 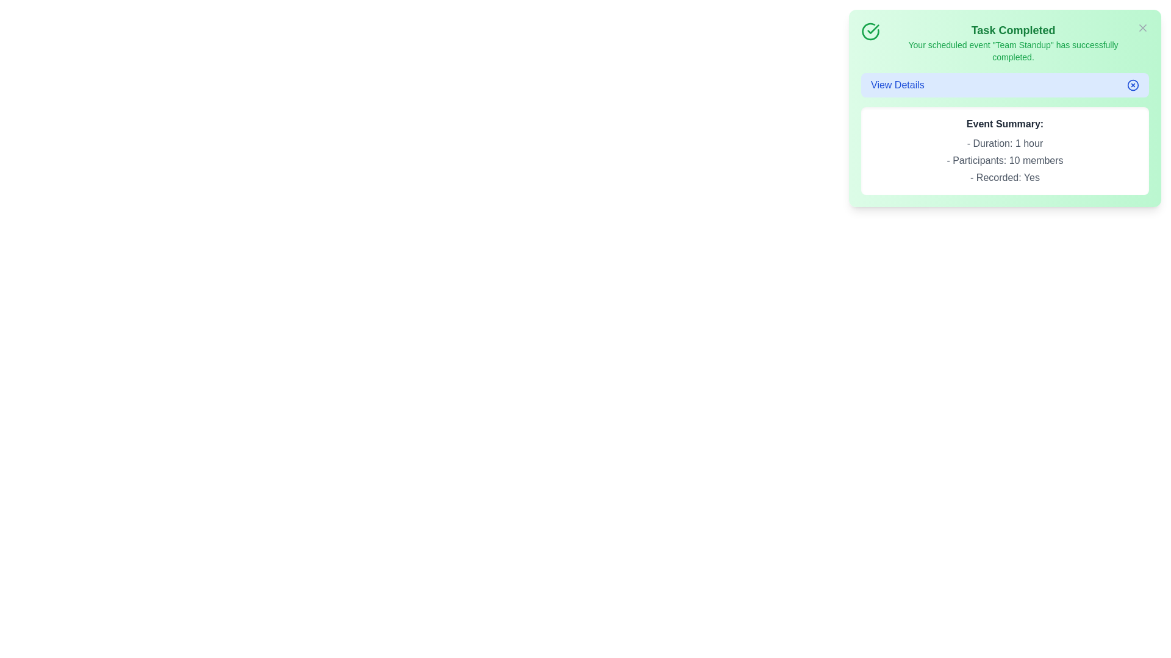 I want to click on 'View Details' button to expand the event details, so click(x=1004, y=84).